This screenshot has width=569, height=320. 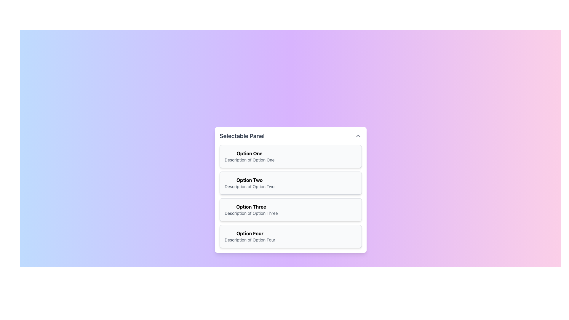 What do you see at coordinates (250, 183) in the screenshot?
I see `the text block titled 'Option Two' which contains the description 'Description of Option Two', positioned under 'Option One' and above 'Option Three'` at bounding box center [250, 183].